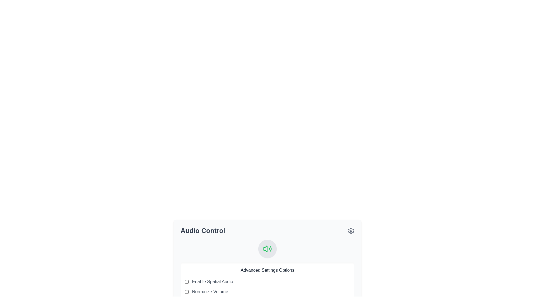 The height and width of the screenshot is (301, 535). What do you see at coordinates (267, 271) in the screenshot?
I see `the 'Advanced Settings Options' text label, which is styled with a dark gray color and underlined, located at the top of the options panel` at bounding box center [267, 271].